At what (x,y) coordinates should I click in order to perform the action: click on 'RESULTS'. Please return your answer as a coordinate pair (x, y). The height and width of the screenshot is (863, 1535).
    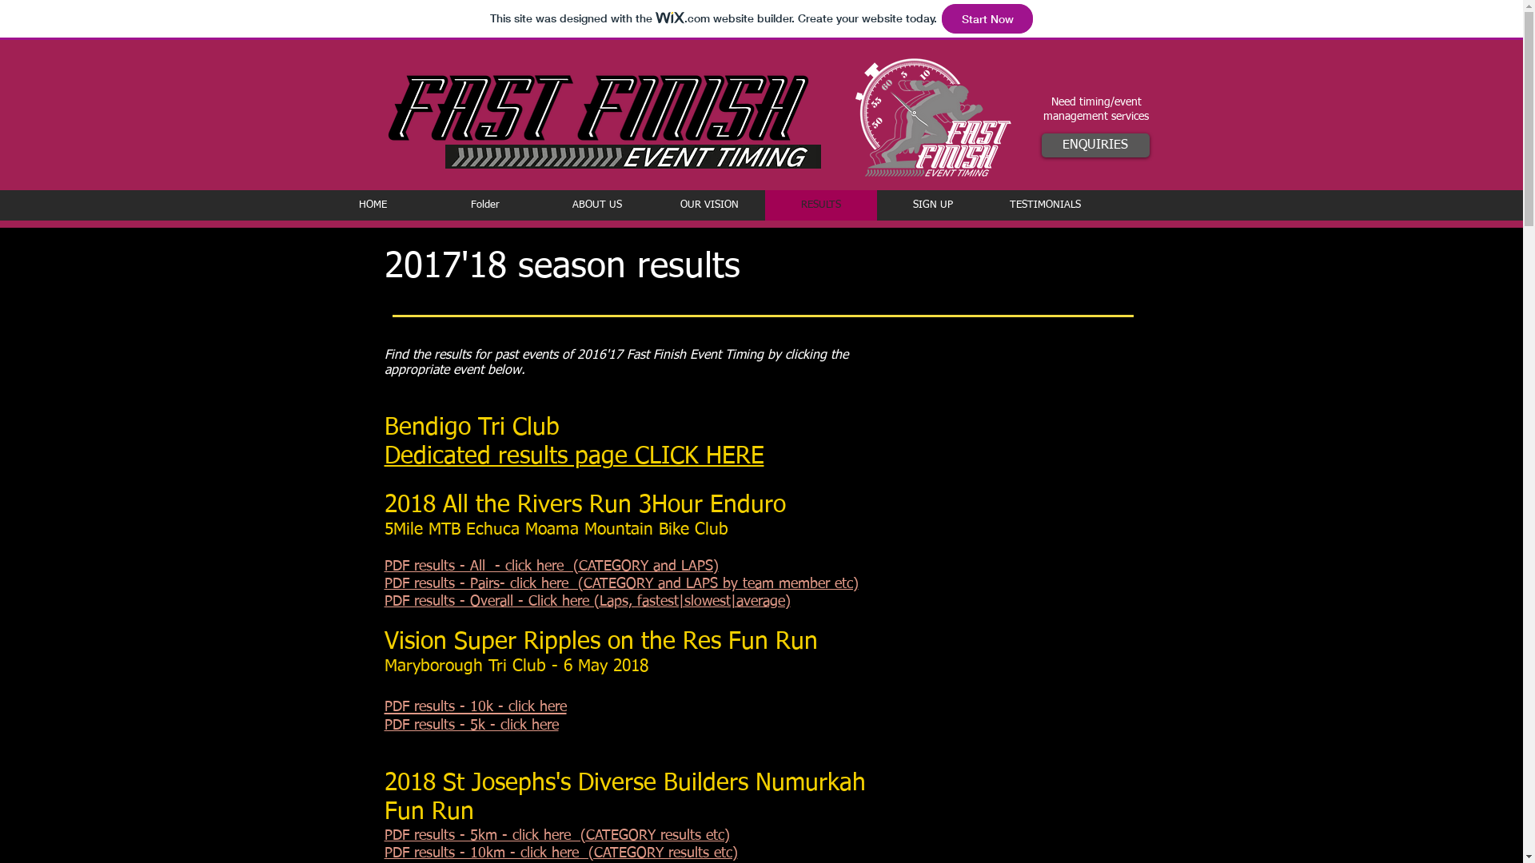
    Looking at the image, I should click on (820, 205).